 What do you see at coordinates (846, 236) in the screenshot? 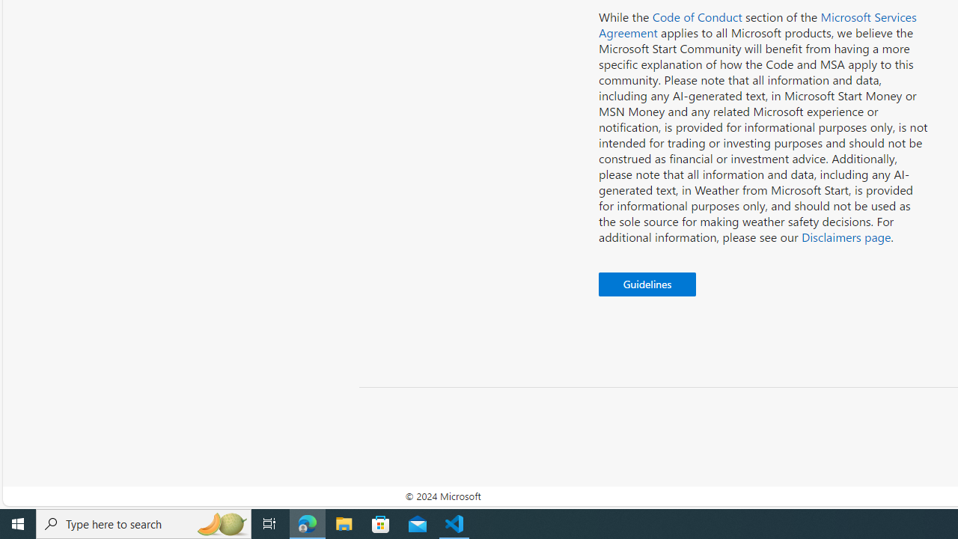
I see `'Disclaimers page'` at bounding box center [846, 236].